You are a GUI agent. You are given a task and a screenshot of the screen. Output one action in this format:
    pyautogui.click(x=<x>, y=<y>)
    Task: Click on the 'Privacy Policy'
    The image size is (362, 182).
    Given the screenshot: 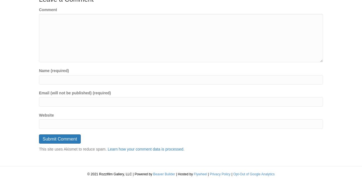 What is the action you would take?
    pyautogui.click(x=209, y=174)
    